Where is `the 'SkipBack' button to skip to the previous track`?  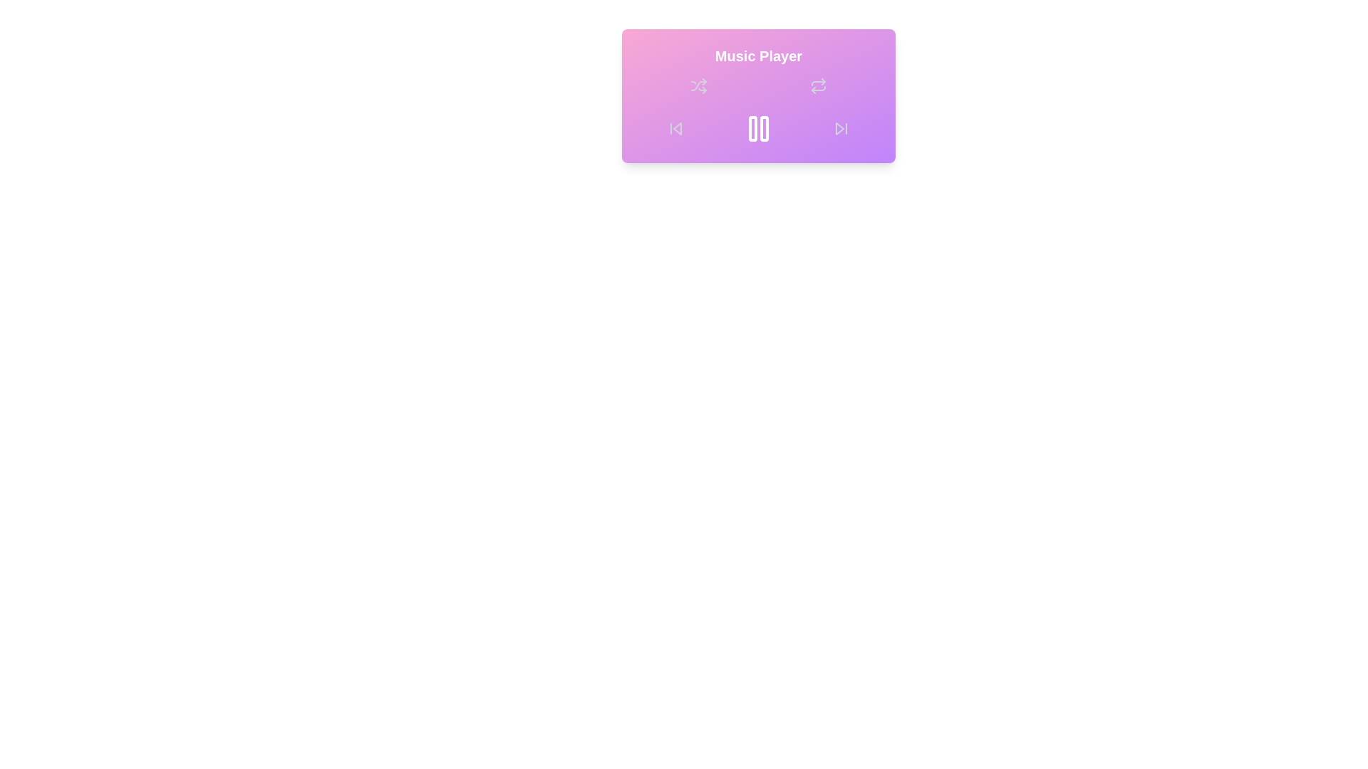 the 'SkipBack' button to skip to the previous track is located at coordinates (675, 129).